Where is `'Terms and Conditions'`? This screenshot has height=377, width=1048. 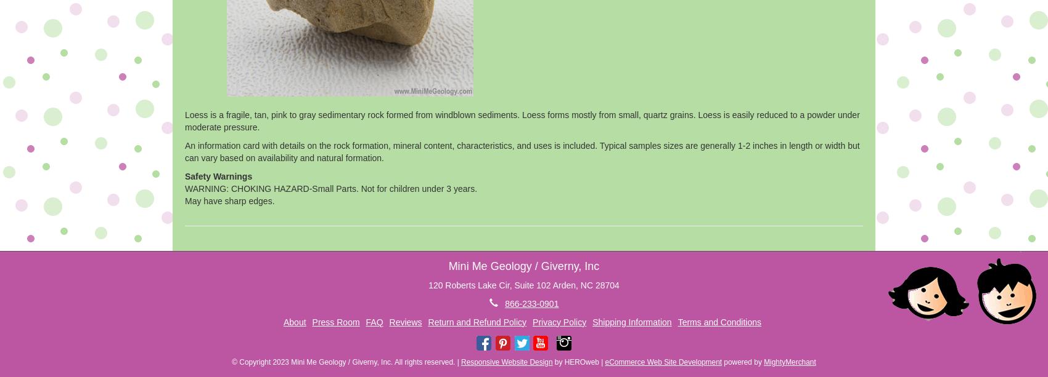
'Terms and Conditions' is located at coordinates (678, 321).